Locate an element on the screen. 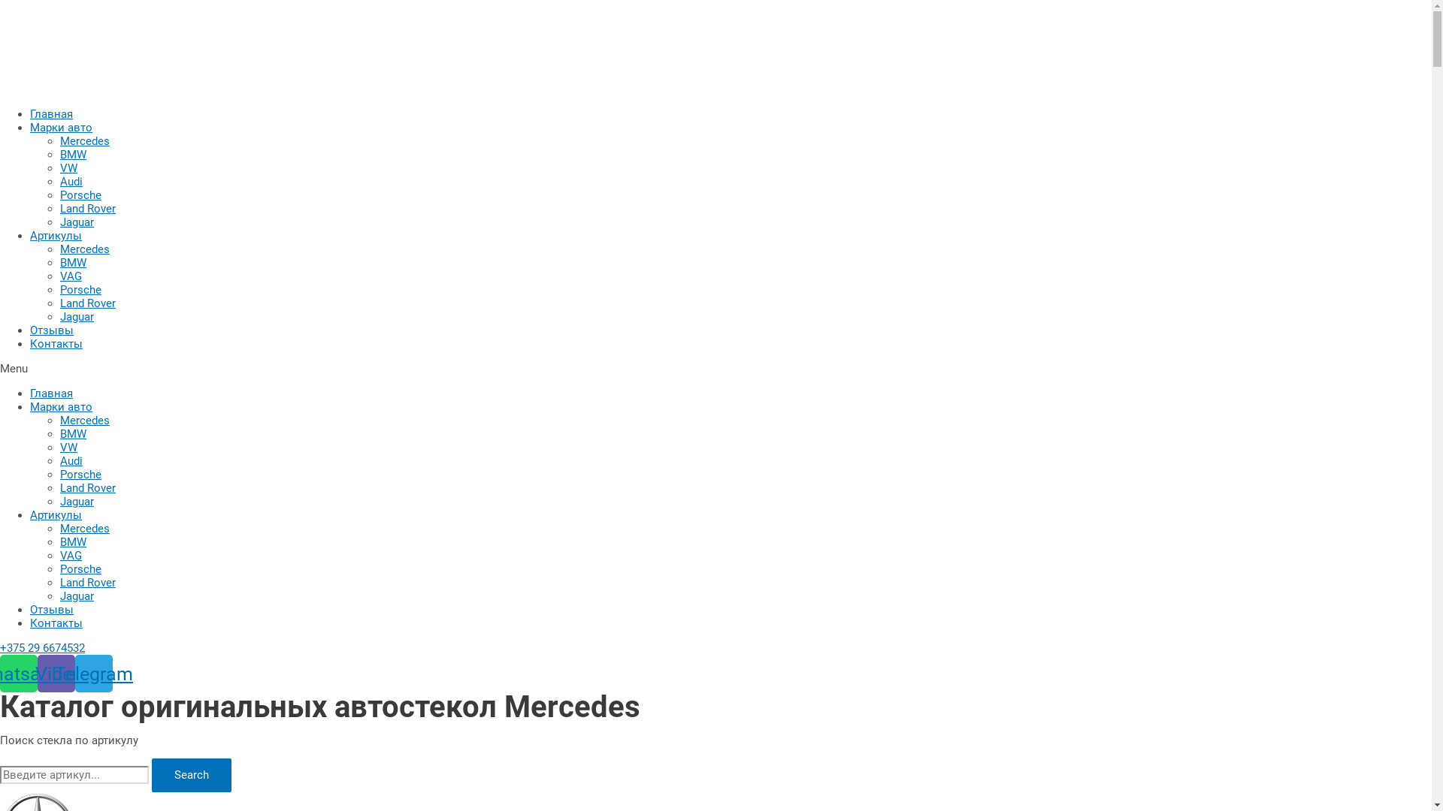 The width and height of the screenshot is (1443, 811). 'Land Rover' is located at coordinates (86, 488).